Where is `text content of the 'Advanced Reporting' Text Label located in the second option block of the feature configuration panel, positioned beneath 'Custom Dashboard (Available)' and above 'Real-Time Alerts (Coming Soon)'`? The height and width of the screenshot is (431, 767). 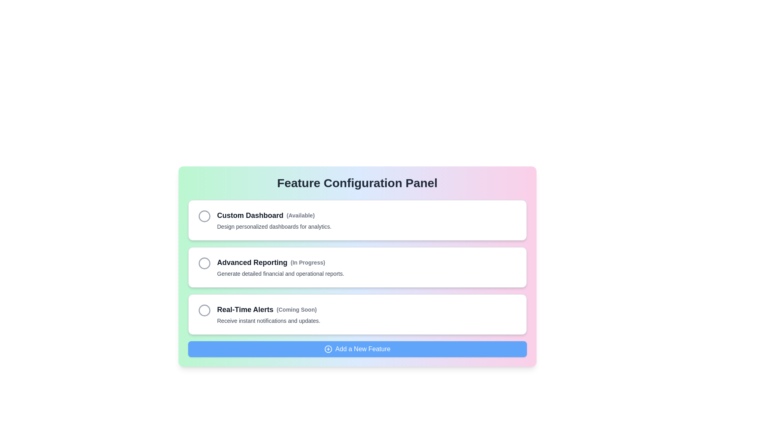 text content of the 'Advanced Reporting' Text Label located in the second option block of the feature configuration panel, positioned beneath 'Custom Dashboard (Available)' and above 'Real-Time Alerts (Coming Soon)' is located at coordinates (280, 263).